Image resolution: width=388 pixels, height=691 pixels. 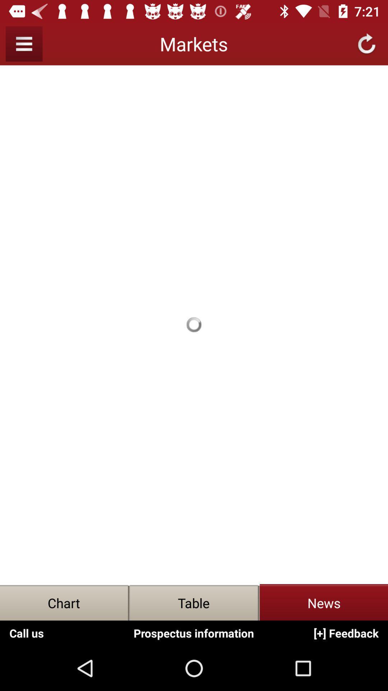 What do you see at coordinates (26, 633) in the screenshot?
I see `the option call us which is on the bottom left corner of the screen` at bounding box center [26, 633].